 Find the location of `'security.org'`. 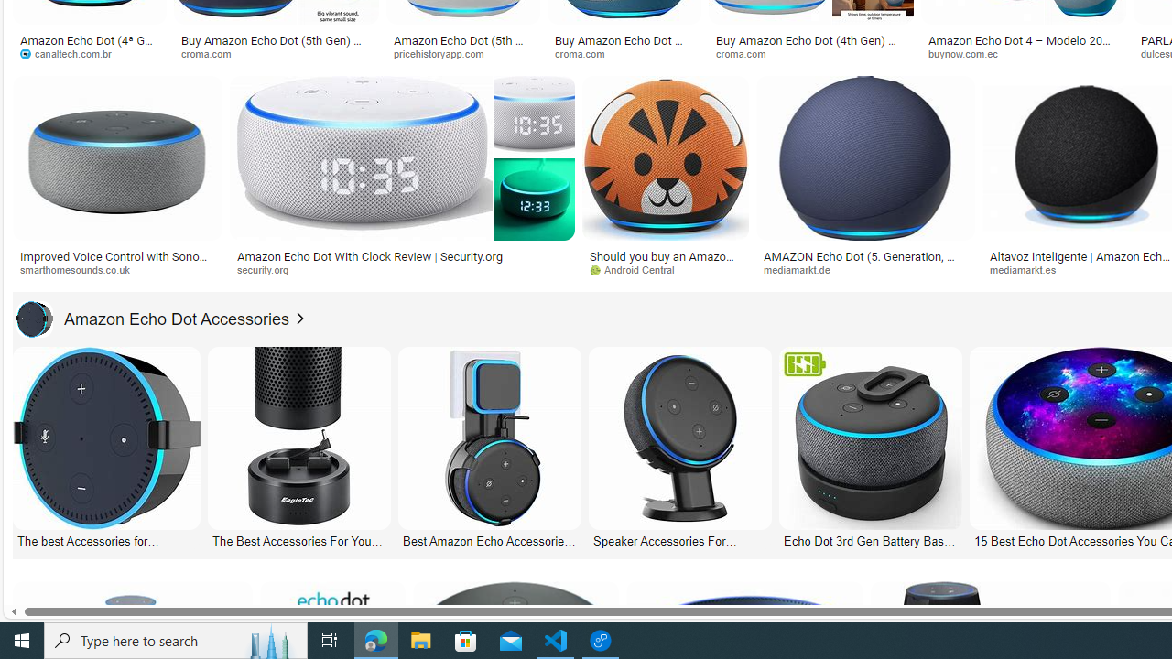

'security.org' is located at coordinates (401, 270).